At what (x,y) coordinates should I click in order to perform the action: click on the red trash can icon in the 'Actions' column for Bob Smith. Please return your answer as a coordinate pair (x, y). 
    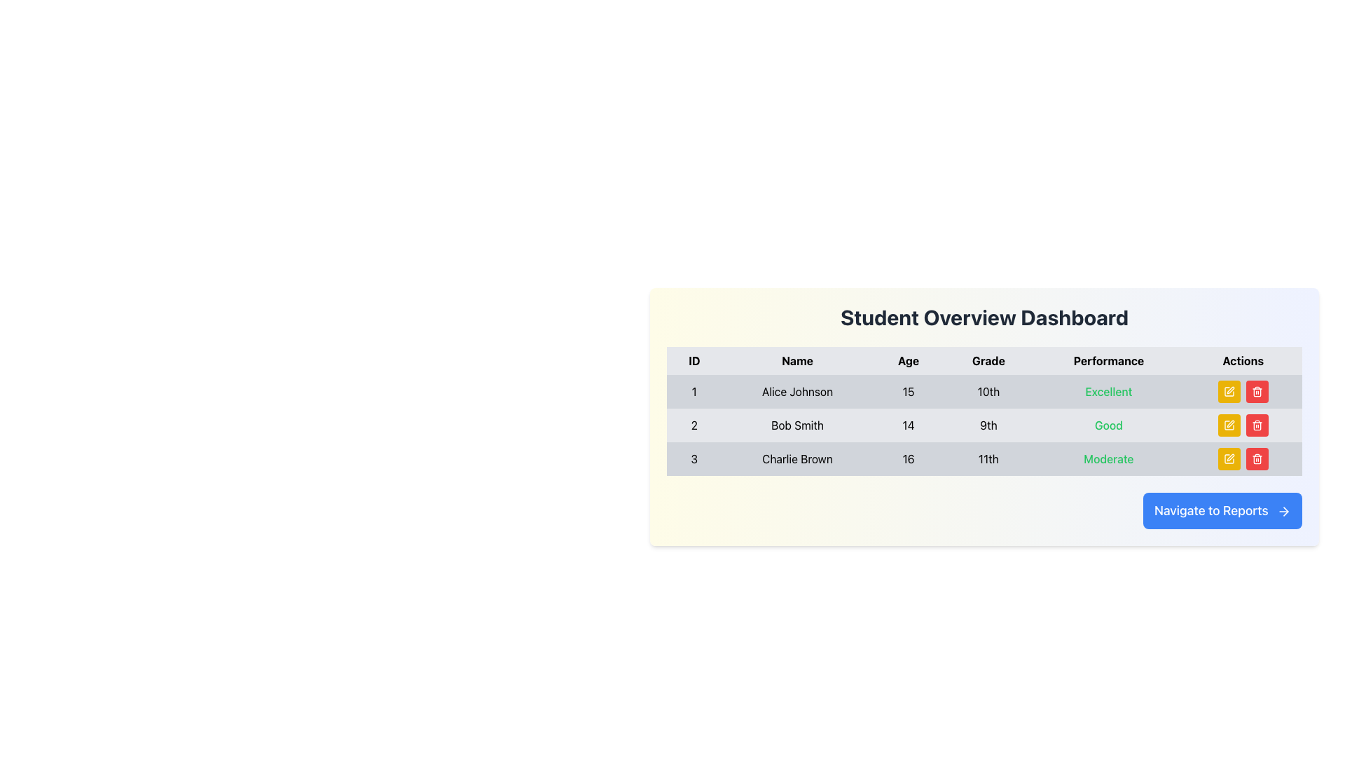
    Looking at the image, I should click on (1257, 424).